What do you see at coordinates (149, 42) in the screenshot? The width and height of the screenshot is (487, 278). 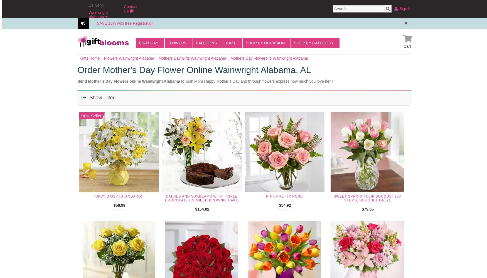 I see `'Birthday'` at bounding box center [149, 42].